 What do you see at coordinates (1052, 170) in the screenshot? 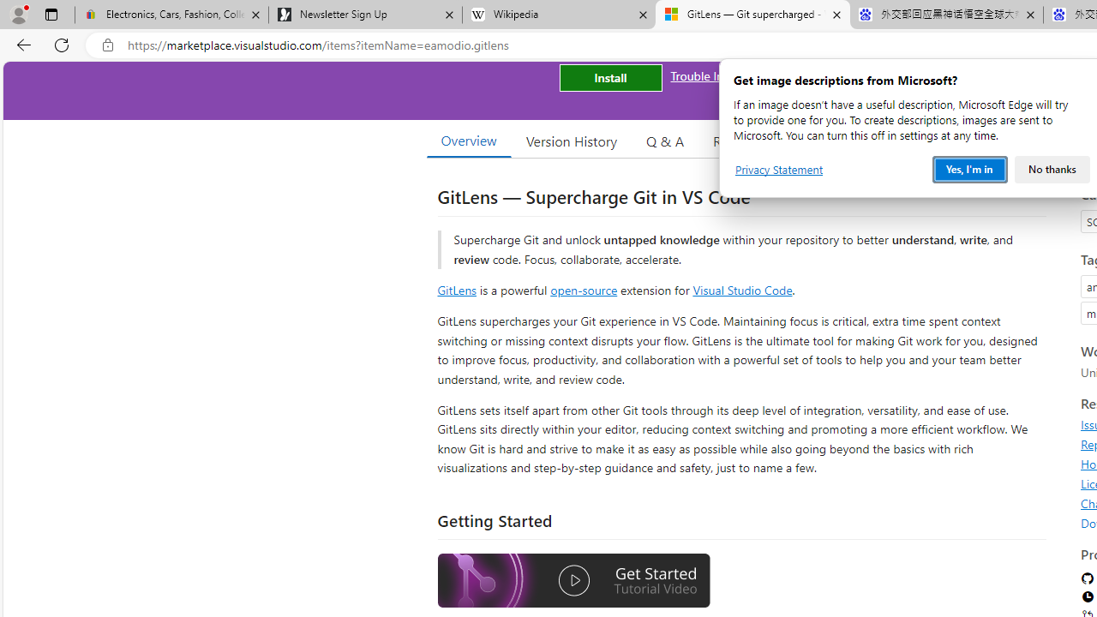
I see `'No thanks'` at bounding box center [1052, 170].